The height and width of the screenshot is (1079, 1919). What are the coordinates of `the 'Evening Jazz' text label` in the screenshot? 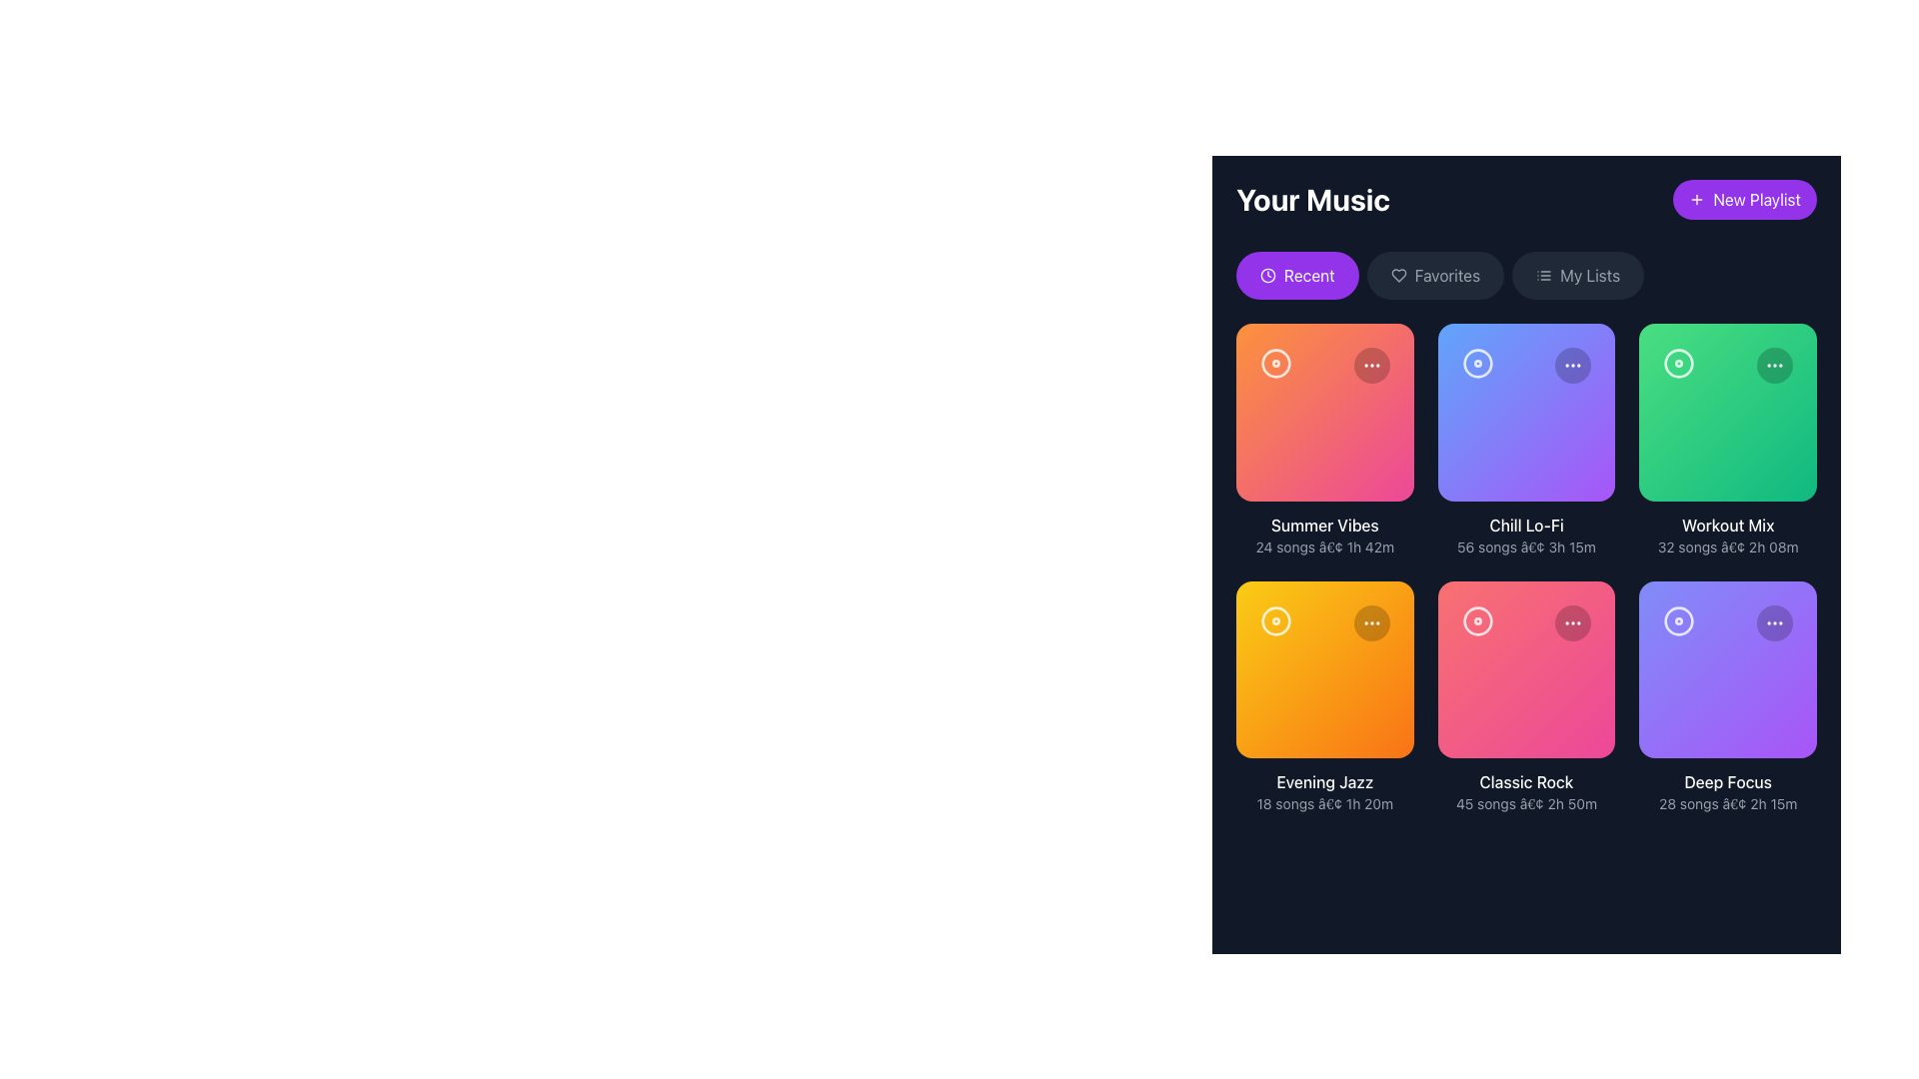 It's located at (1324, 781).